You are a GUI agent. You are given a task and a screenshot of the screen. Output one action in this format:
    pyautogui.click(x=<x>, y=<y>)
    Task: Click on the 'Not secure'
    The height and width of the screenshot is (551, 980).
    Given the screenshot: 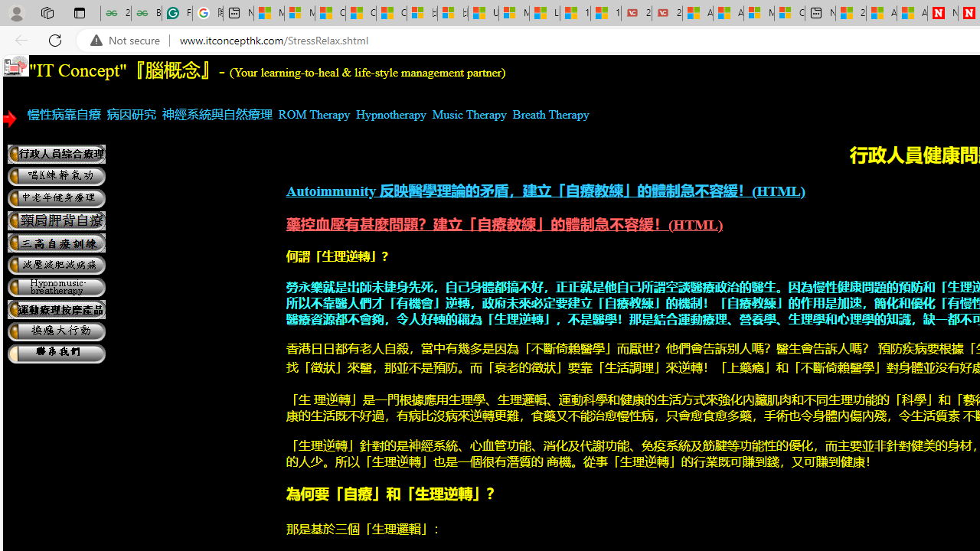 What is the action you would take?
    pyautogui.click(x=129, y=40)
    